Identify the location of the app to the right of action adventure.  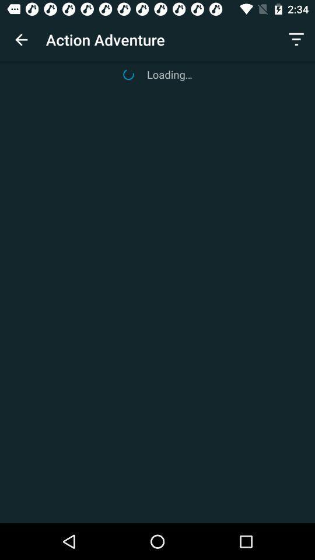
(296, 40).